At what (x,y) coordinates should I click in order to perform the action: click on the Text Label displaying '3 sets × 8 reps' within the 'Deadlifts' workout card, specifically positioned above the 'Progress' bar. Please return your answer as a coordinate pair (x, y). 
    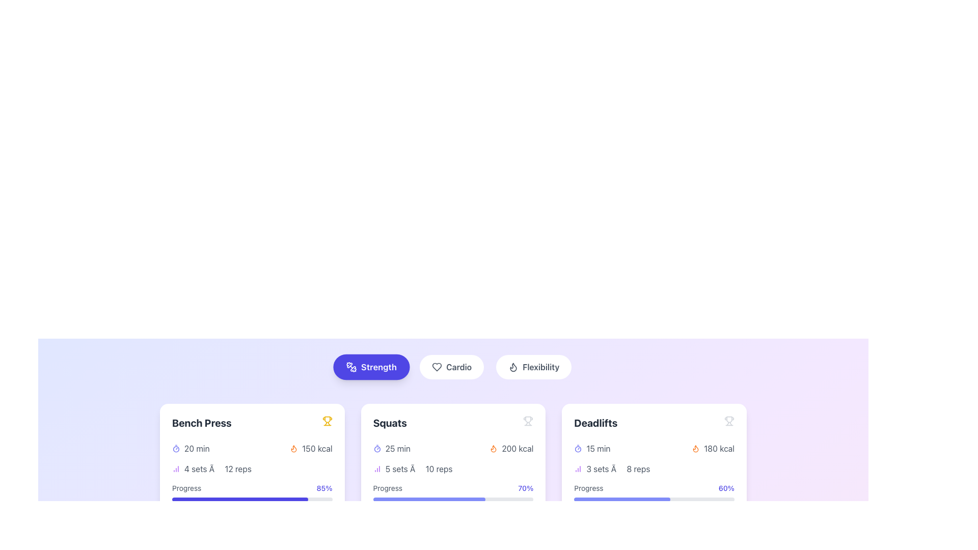
    Looking at the image, I should click on (617, 469).